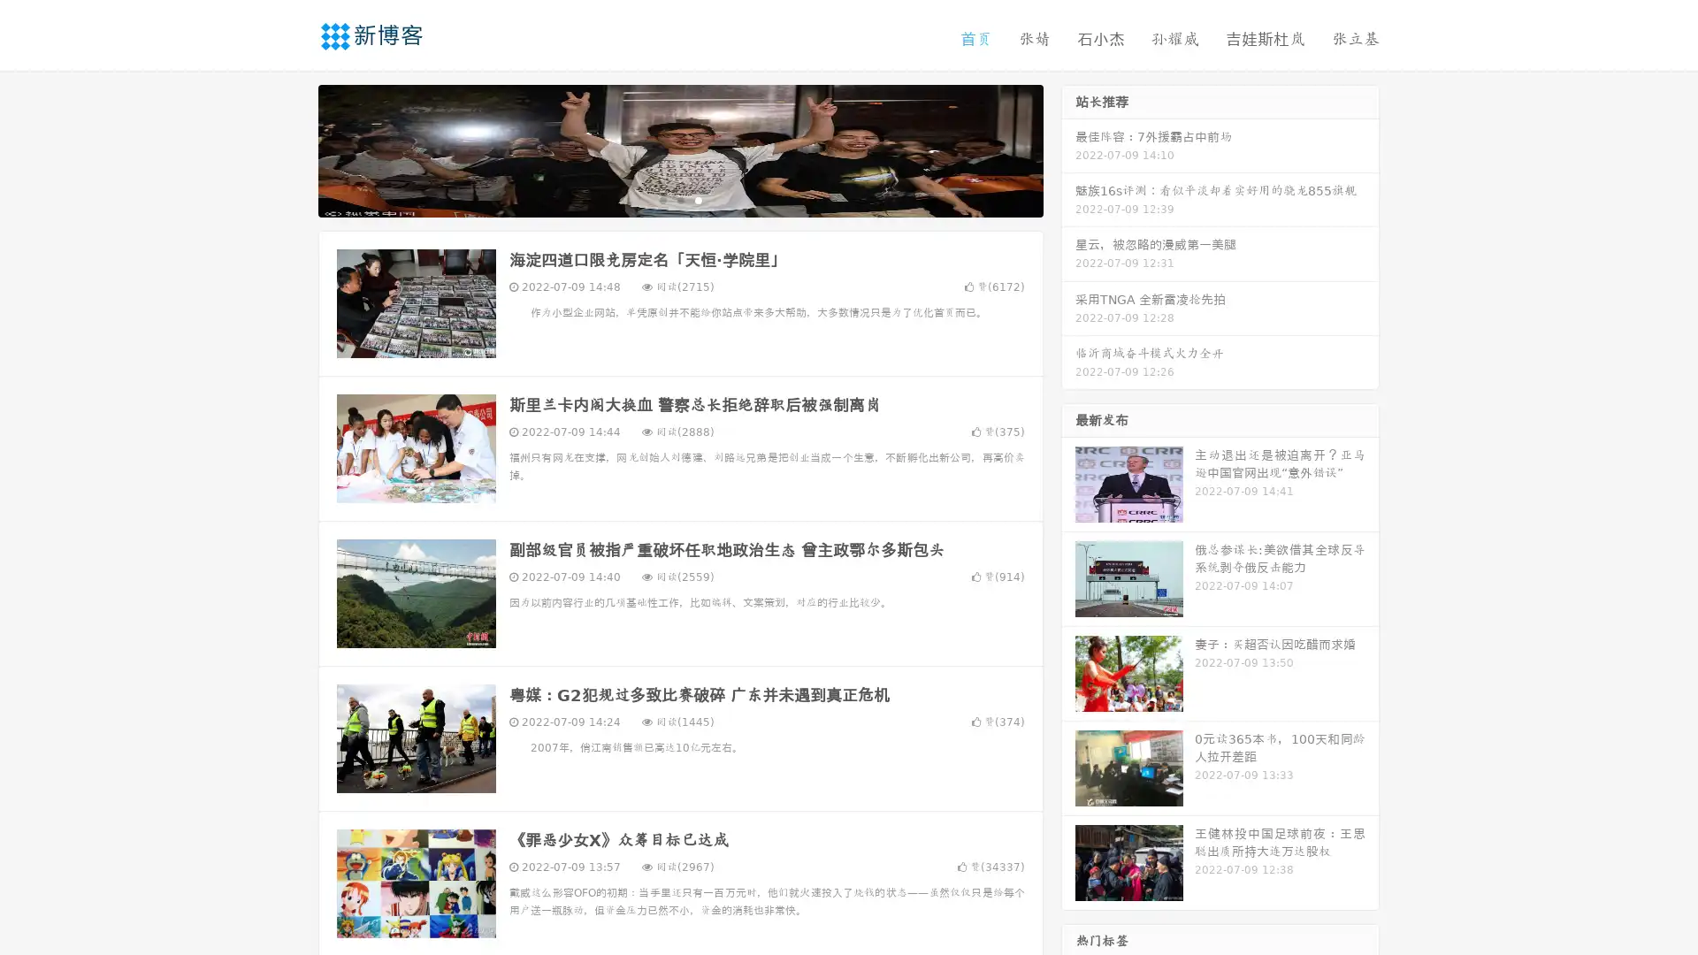 This screenshot has height=955, width=1698. What do you see at coordinates (1068, 149) in the screenshot?
I see `Next slide` at bounding box center [1068, 149].